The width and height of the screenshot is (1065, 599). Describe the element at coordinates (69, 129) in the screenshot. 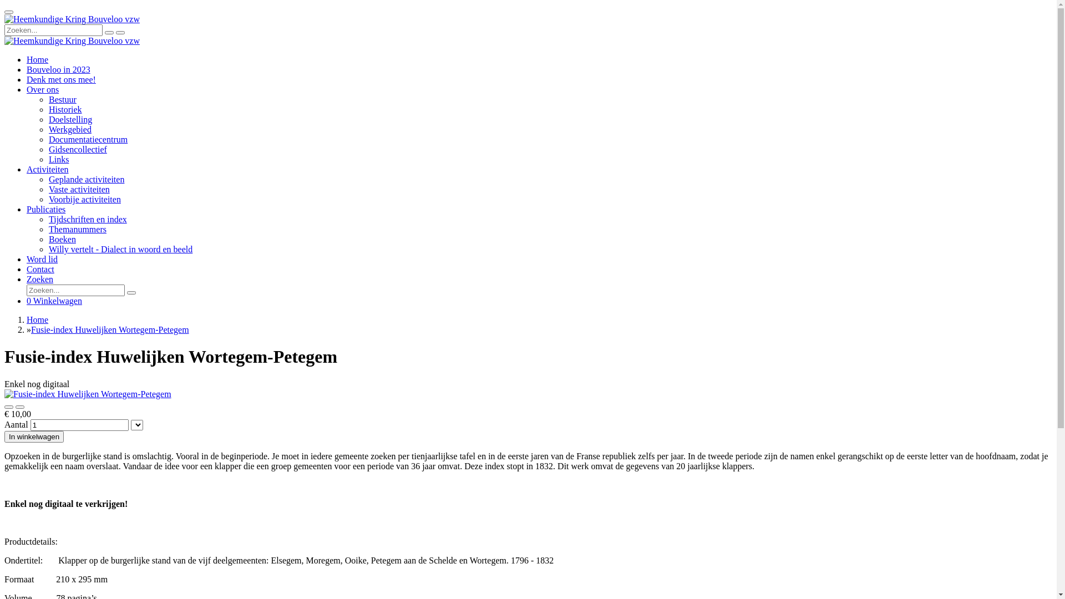

I see `'Werkgebied'` at that location.